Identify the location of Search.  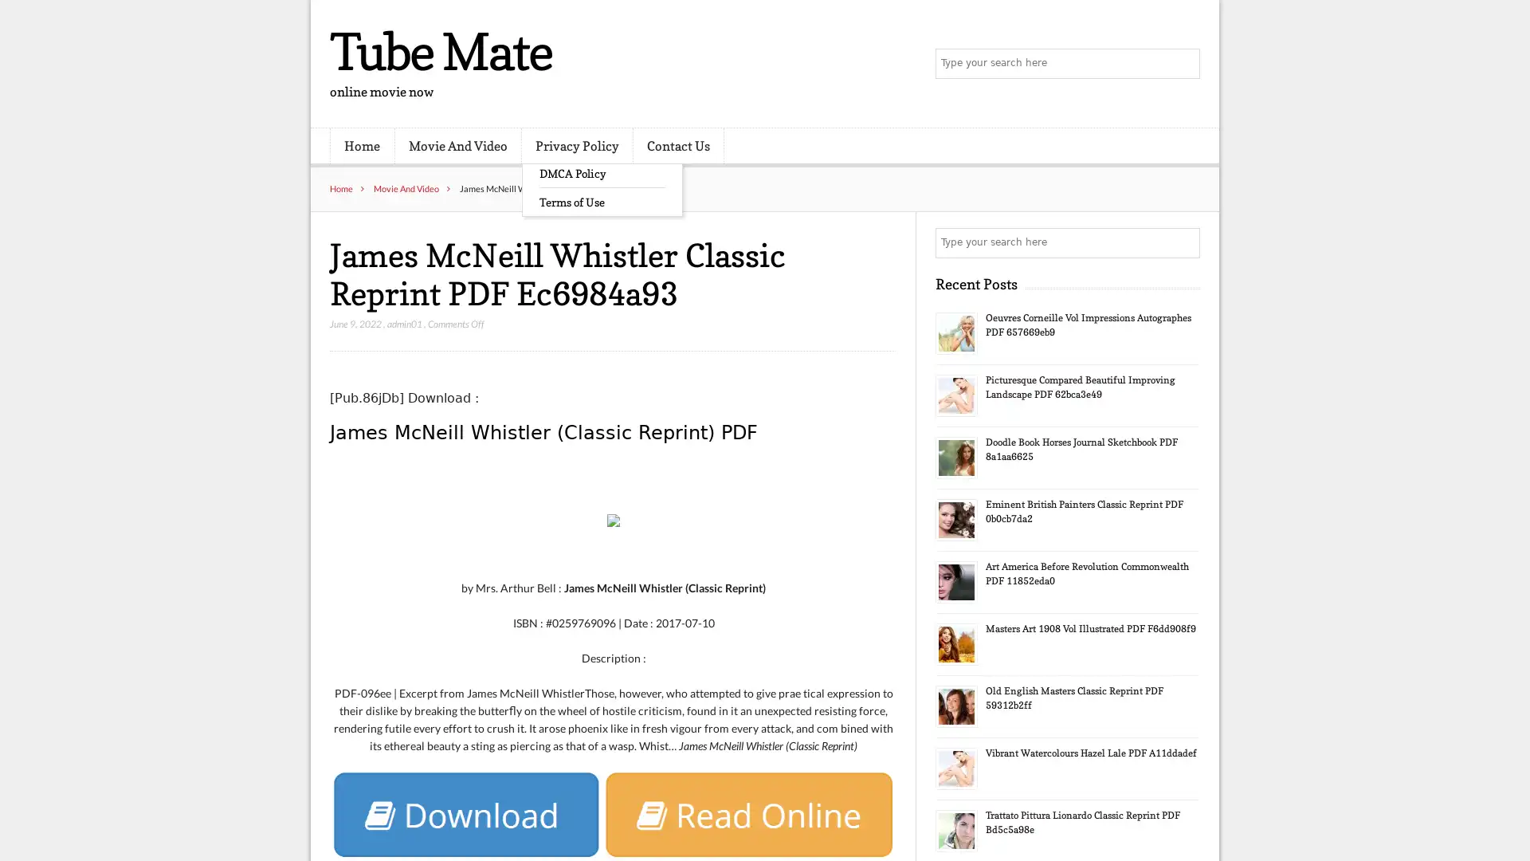
(1183, 64).